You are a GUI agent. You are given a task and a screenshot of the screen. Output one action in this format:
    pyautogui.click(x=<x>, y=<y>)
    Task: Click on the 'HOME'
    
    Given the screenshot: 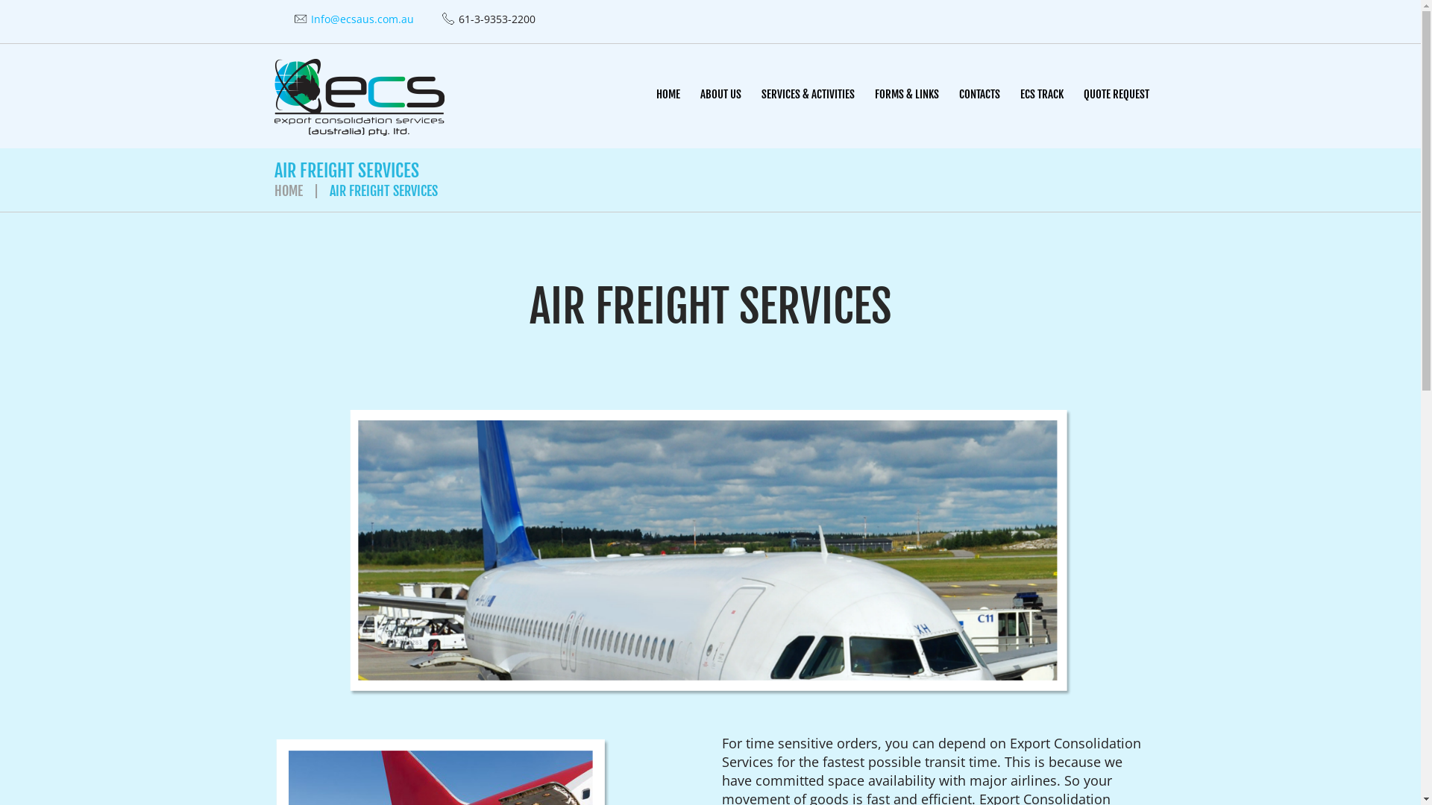 What is the action you would take?
    pyautogui.click(x=666, y=95)
    